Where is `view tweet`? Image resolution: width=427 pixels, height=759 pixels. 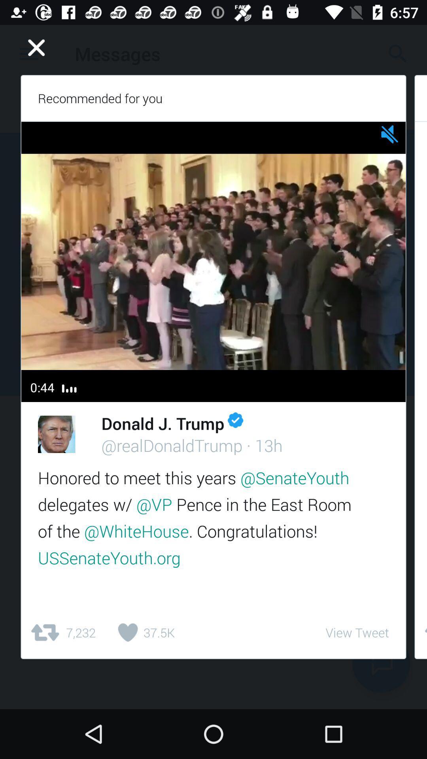
view tweet is located at coordinates (357, 632).